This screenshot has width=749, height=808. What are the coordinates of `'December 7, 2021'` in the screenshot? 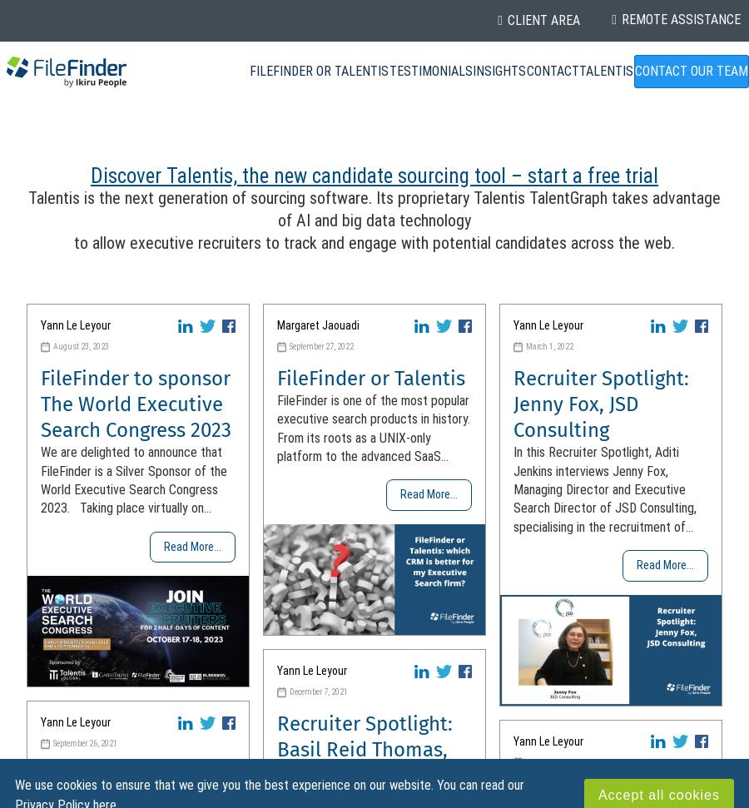 It's located at (290, 691).